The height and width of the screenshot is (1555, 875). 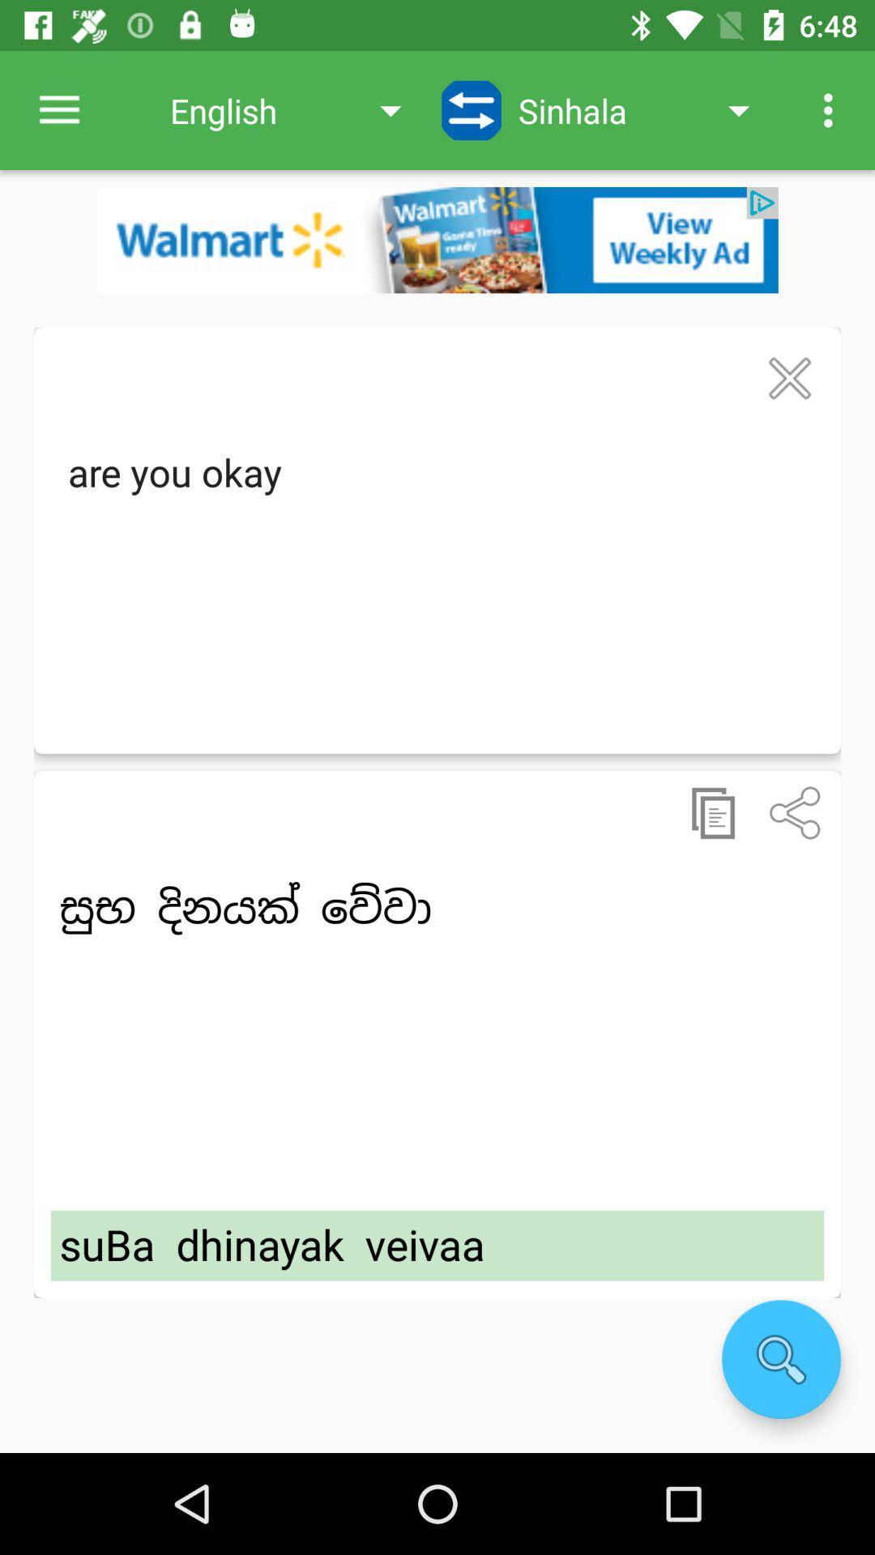 I want to click on item next to sinhala, so click(x=832, y=109).